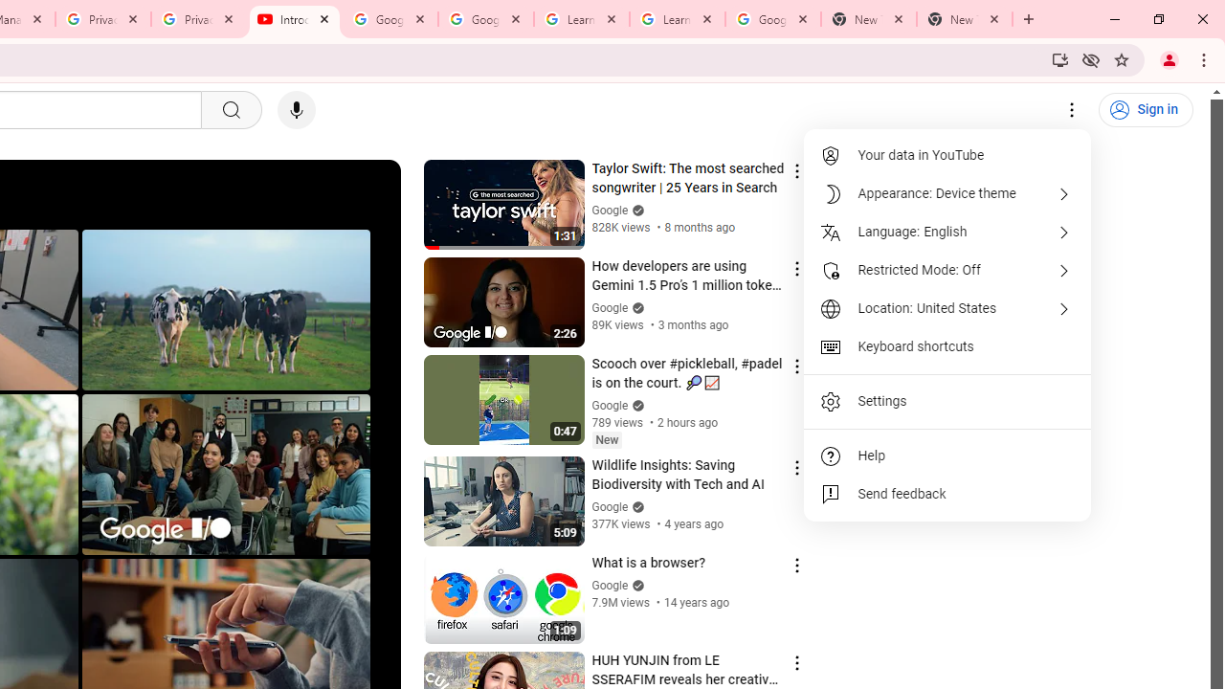 The image size is (1225, 689). What do you see at coordinates (947, 346) in the screenshot?
I see `'Keyboard shortcuts'` at bounding box center [947, 346].